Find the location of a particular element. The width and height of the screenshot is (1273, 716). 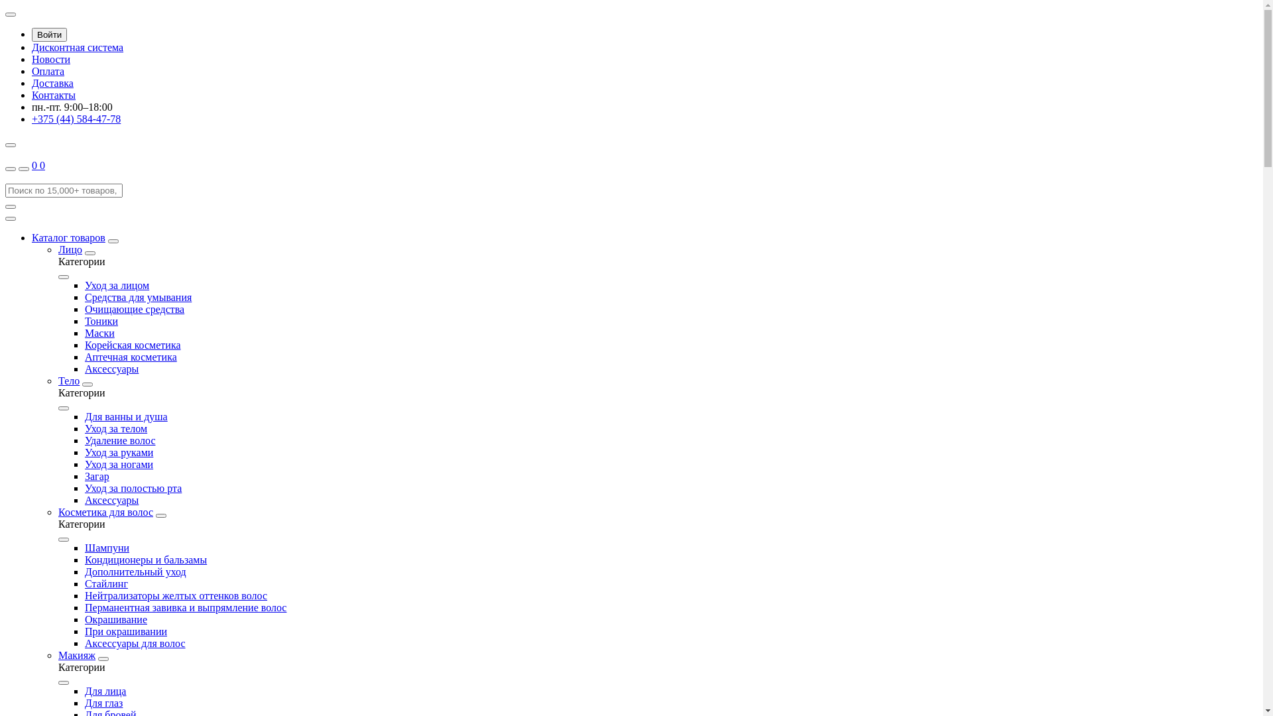

'0' is located at coordinates (35, 164).